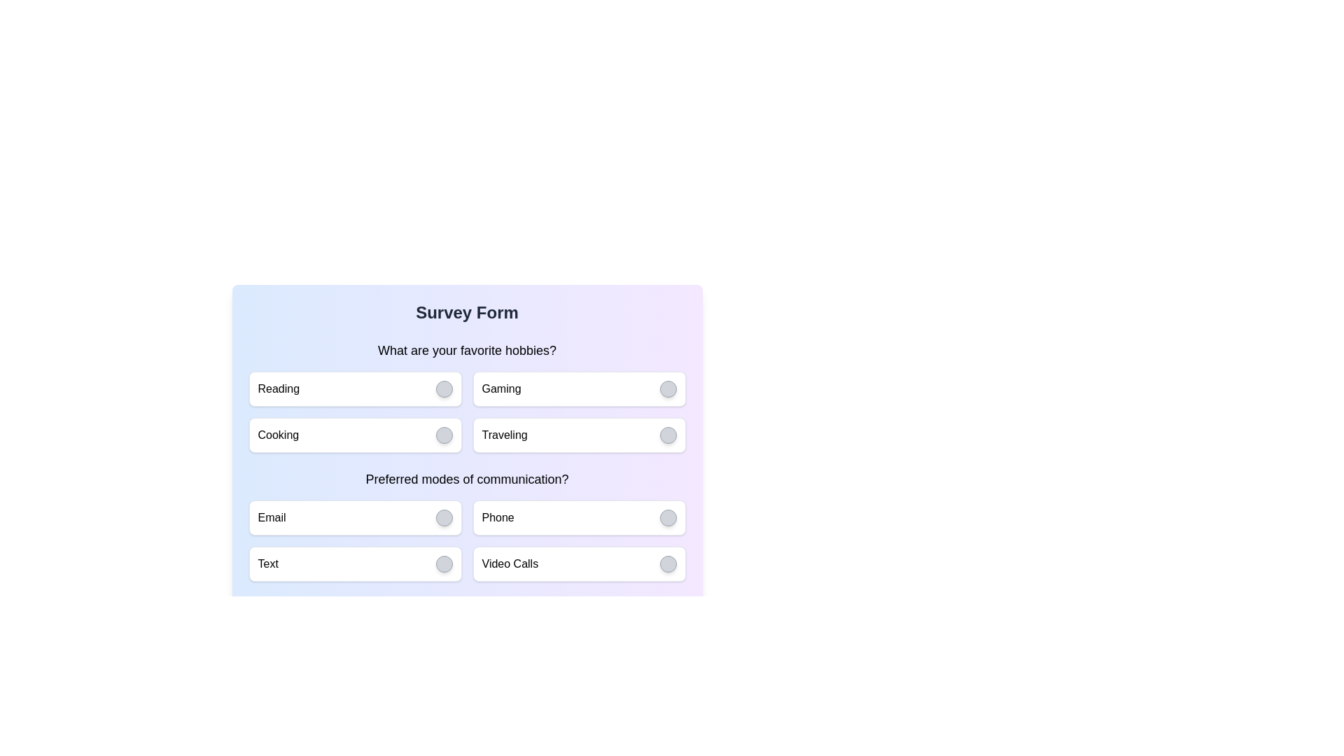  What do you see at coordinates (443, 434) in the screenshot?
I see `the radio button for the 'Cooking' hobby option` at bounding box center [443, 434].